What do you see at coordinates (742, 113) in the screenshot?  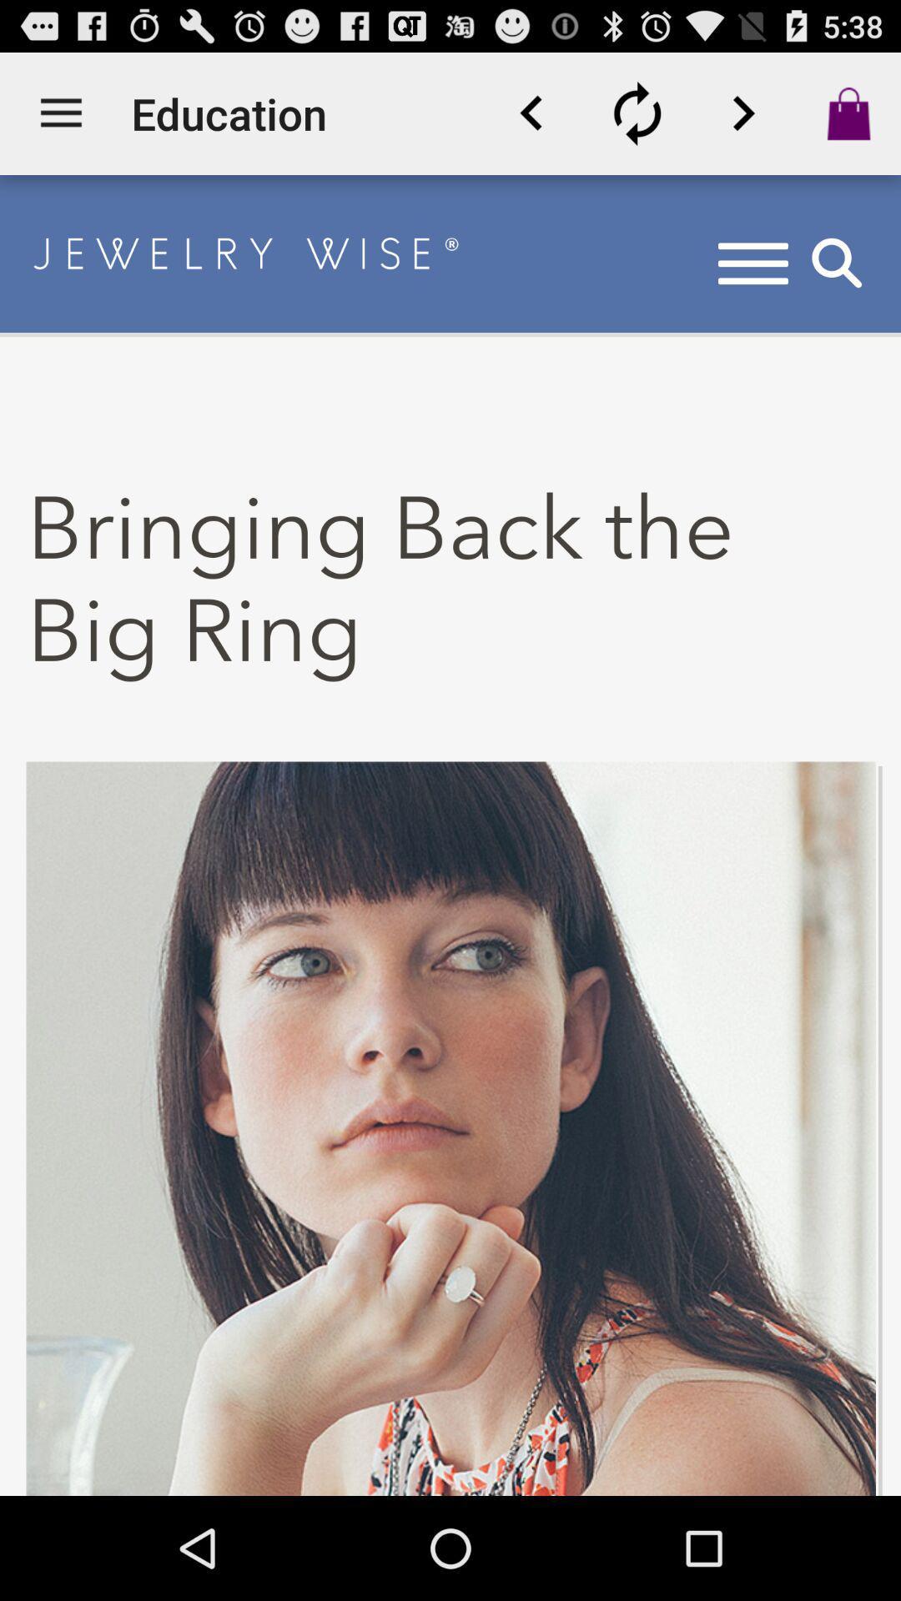 I see `next page` at bounding box center [742, 113].